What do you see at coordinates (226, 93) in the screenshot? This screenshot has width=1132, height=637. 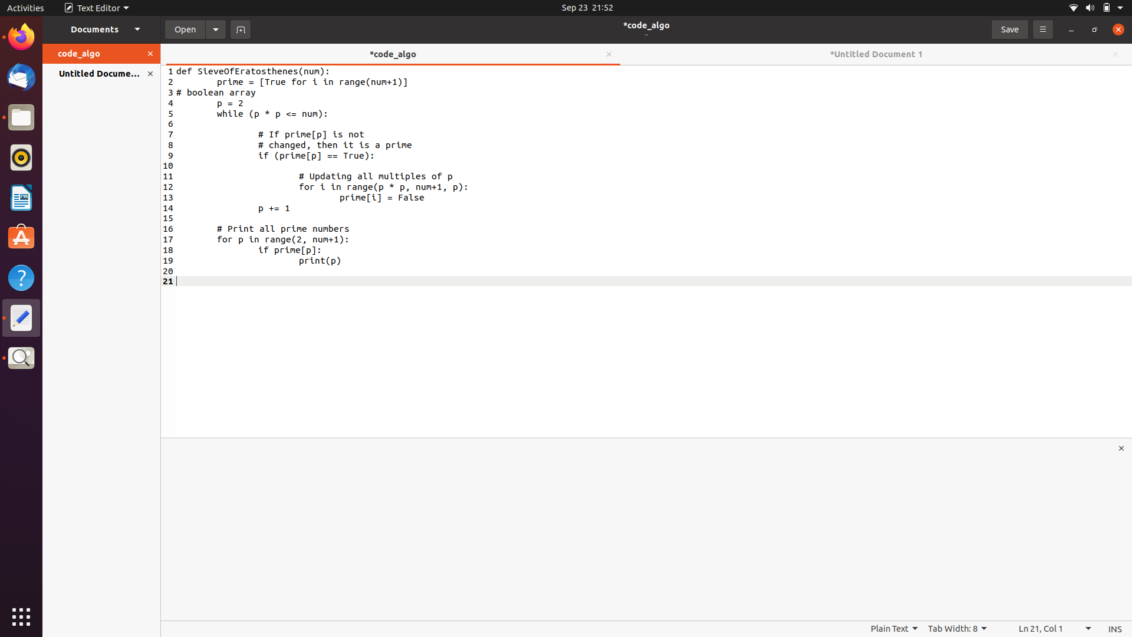 I see `Transfer the entire text from code_algo file to an untitled document using the keyboard shortcuts for select all (Ctrl+A), copy (Ctrl+C) and paste (Ctrl+V)` at bounding box center [226, 93].